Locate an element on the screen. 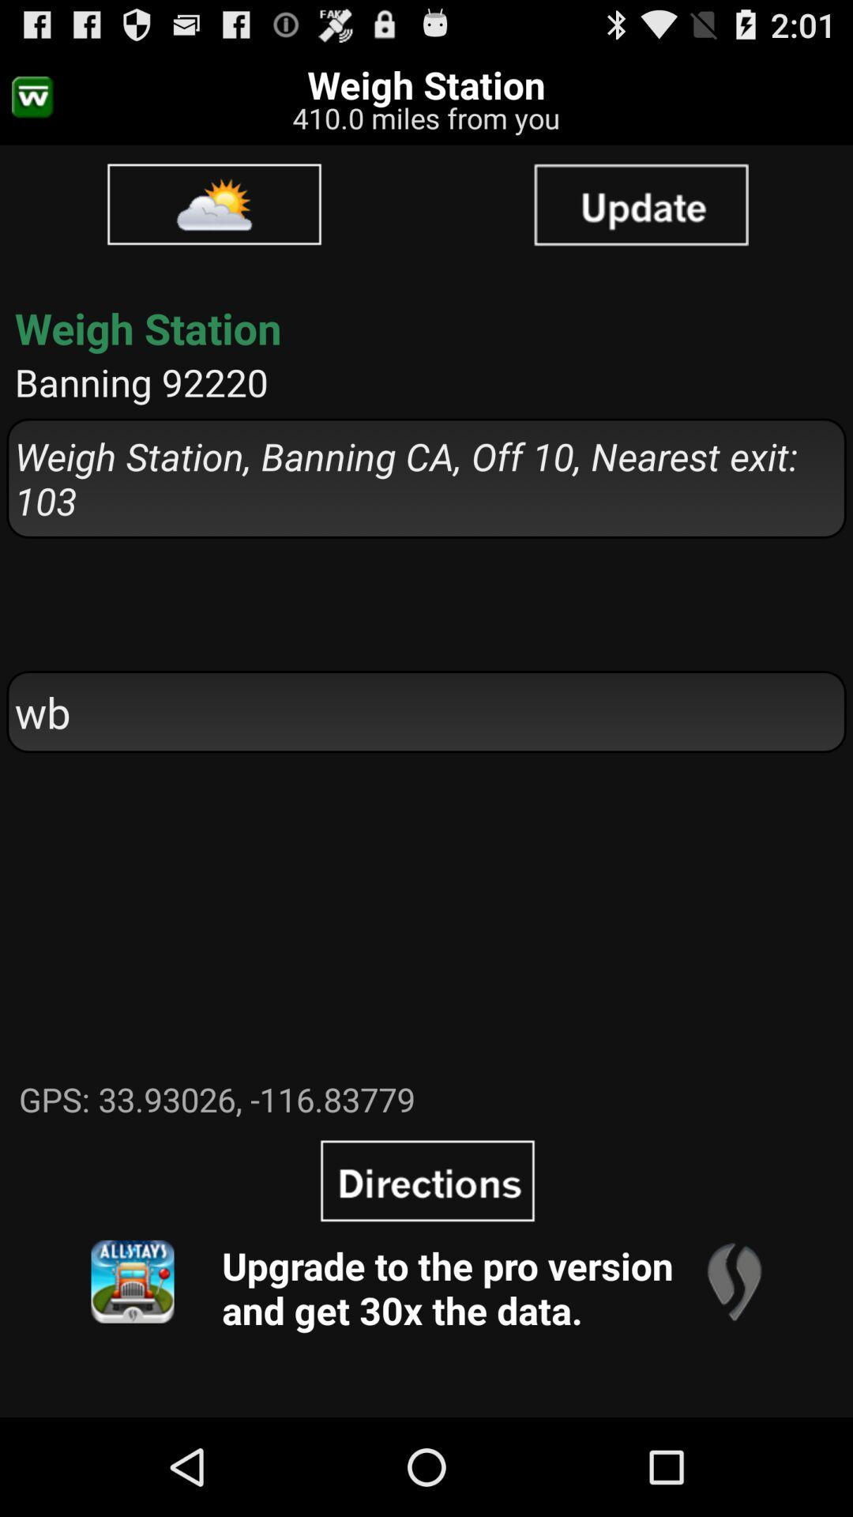 The image size is (853, 1517). the location icon is located at coordinates (734, 1371).